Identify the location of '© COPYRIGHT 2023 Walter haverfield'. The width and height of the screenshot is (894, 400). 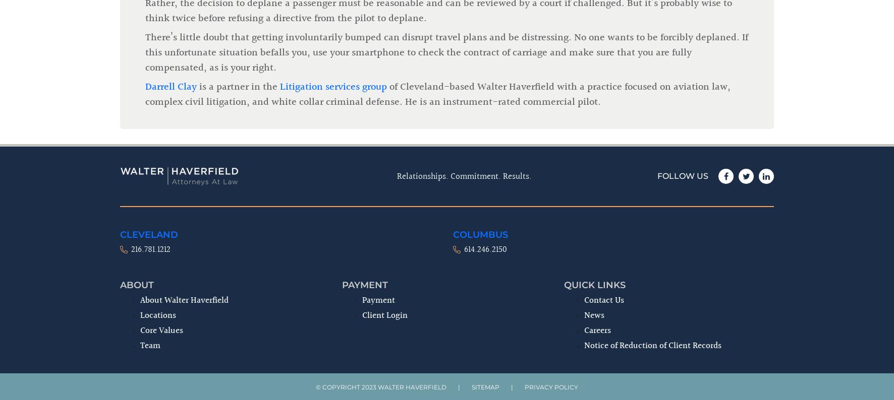
(316, 219).